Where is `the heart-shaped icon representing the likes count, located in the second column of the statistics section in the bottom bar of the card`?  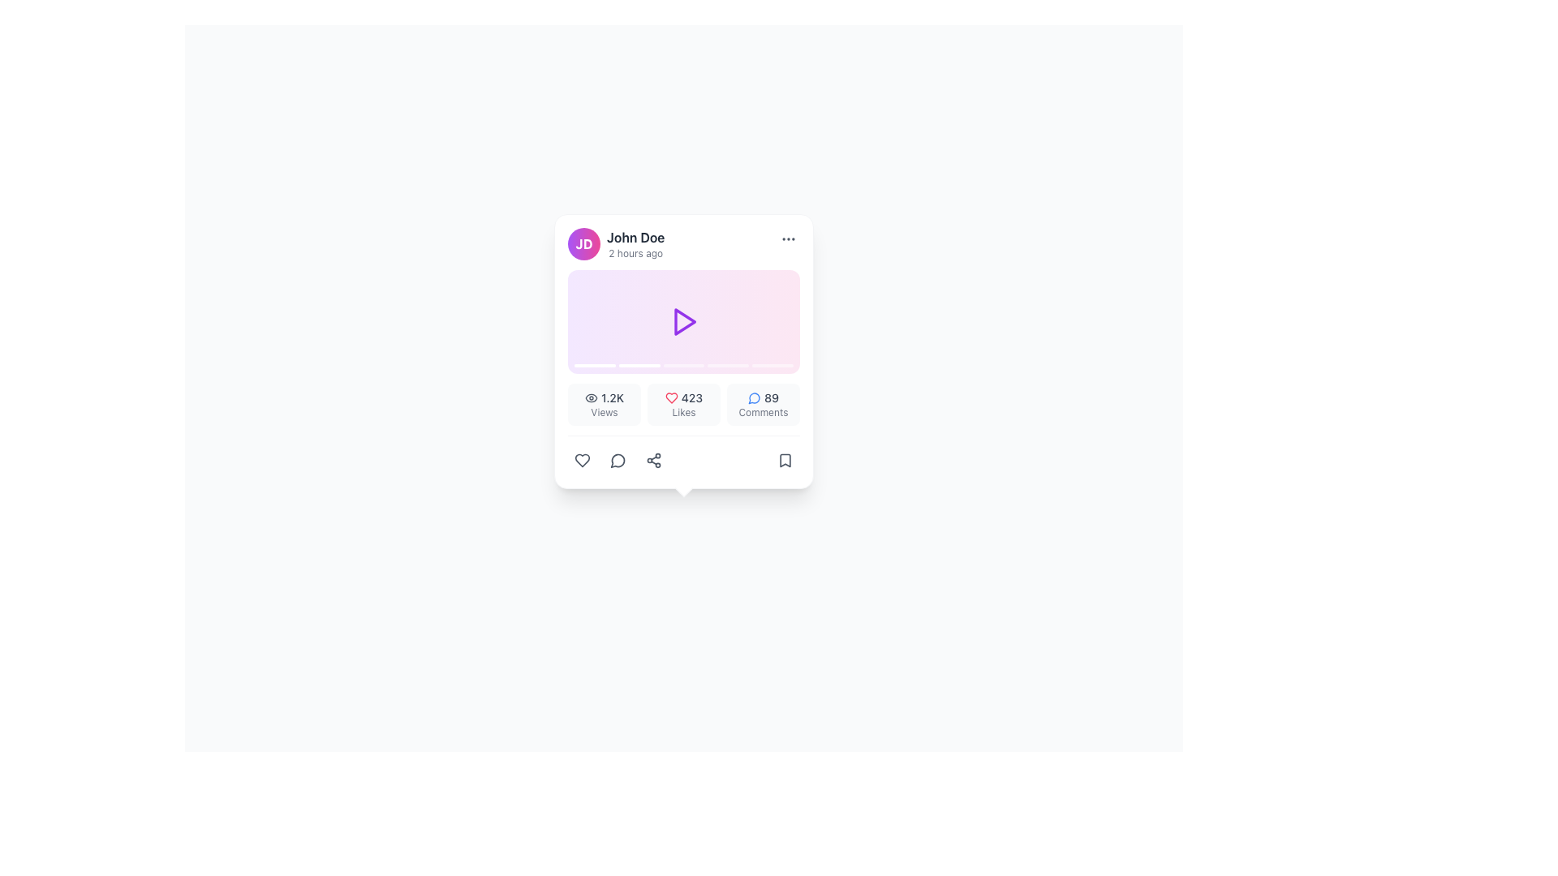 the heart-shaped icon representing the likes count, located in the second column of the statistics section in the bottom bar of the card is located at coordinates (583, 460).